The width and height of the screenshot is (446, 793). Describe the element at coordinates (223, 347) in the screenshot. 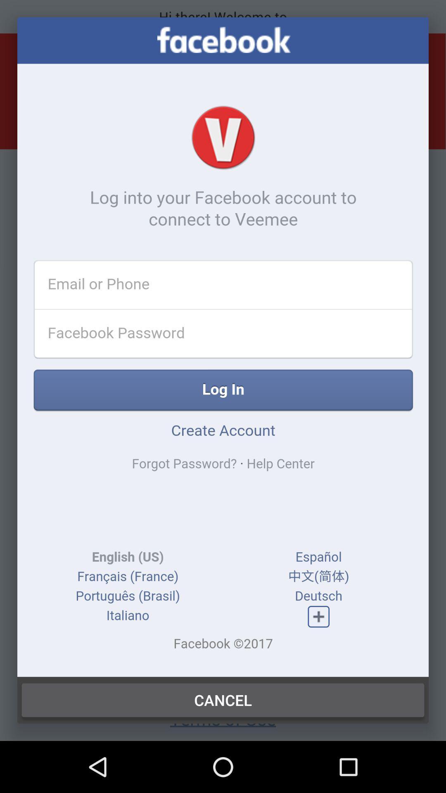

I see `facebook login` at that location.